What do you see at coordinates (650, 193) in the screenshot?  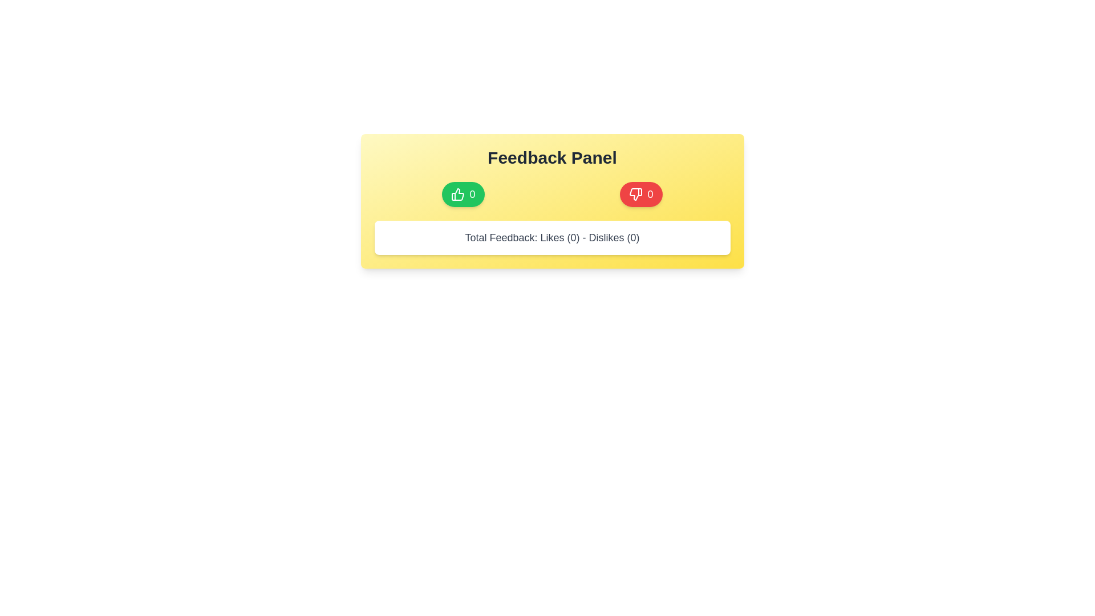 I see `value displayed in the text label indicating the count of negative feedbacks, which is located to the right of the thumbs-down icon in a red button on a yellow background` at bounding box center [650, 193].